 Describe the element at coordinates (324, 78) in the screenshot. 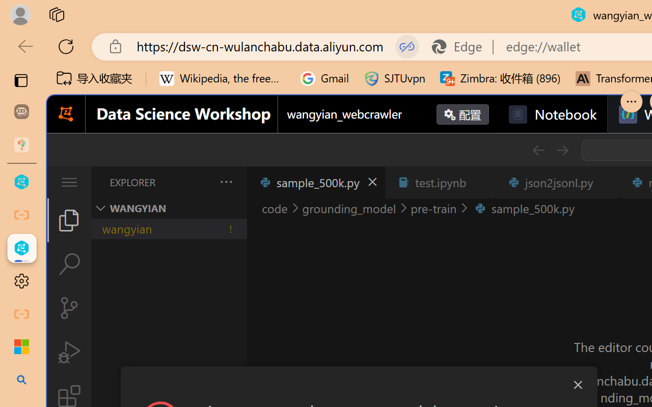

I see `'Gmail'` at that location.